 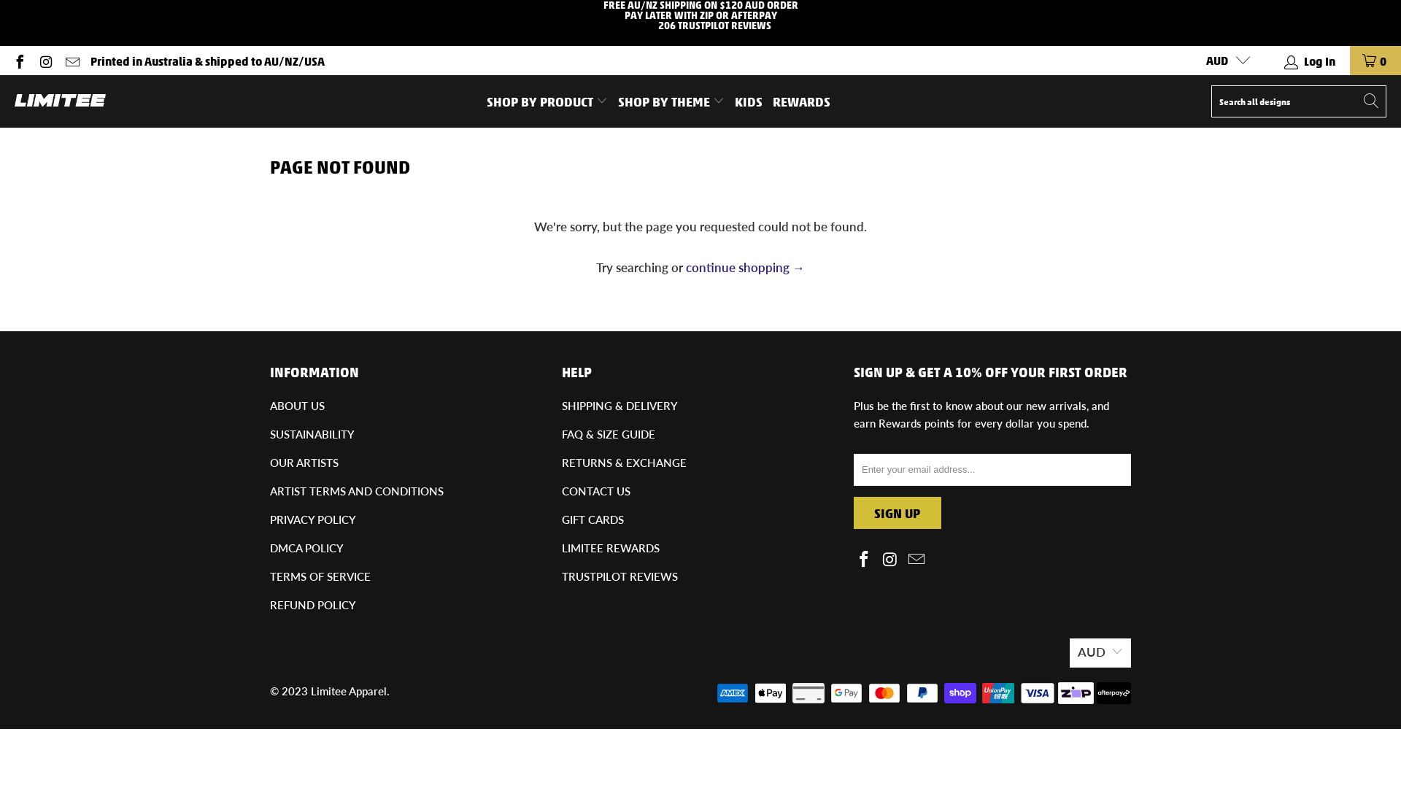 What do you see at coordinates (269, 519) in the screenshot?
I see `'PRIVACY POLICY'` at bounding box center [269, 519].